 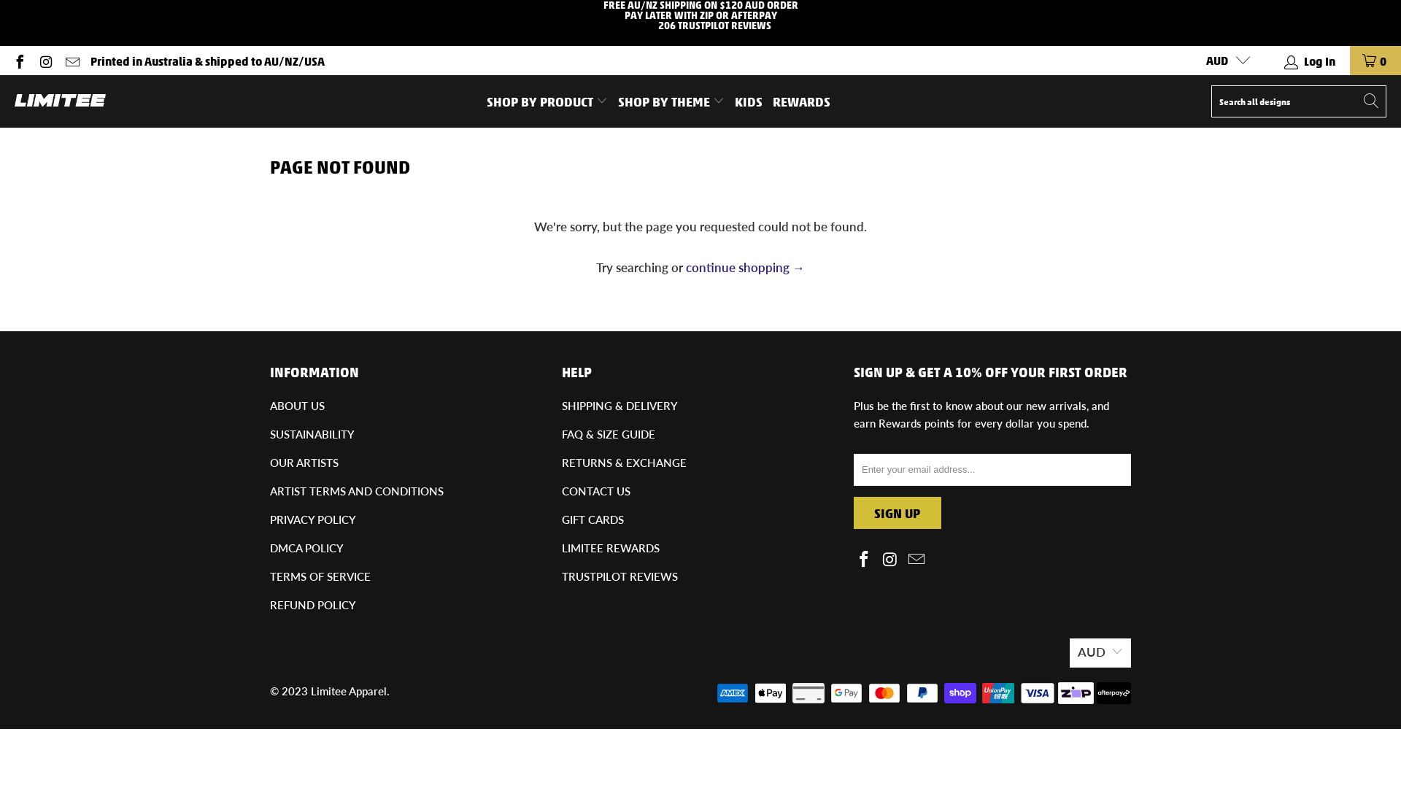 What do you see at coordinates (269, 519) in the screenshot?
I see `'PRIVACY POLICY'` at bounding box center [269, 519].